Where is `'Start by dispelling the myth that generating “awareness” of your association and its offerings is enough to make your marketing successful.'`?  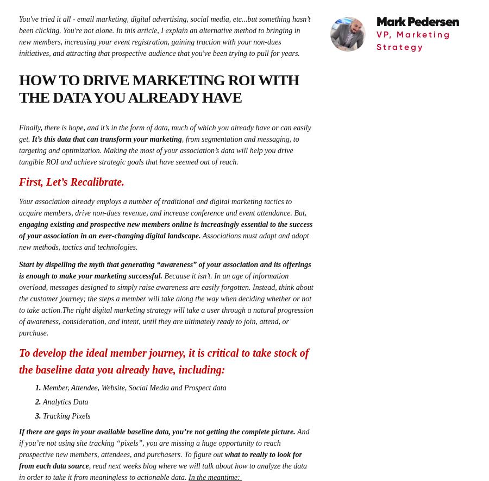 'Start by dispelling the myth that generating “awareness” of your association and its offerings is enough to make your marketing successful.' is located at coordinates (164, 270).